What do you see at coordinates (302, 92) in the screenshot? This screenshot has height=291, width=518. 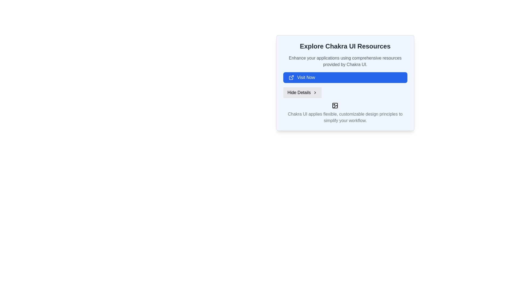 I see `the 'Hide Details' button, which is a rectangular button with a light gray background, rounded corners, and black text, featuring a chevron icon pointing to the right` at bounding box center [302, 92].